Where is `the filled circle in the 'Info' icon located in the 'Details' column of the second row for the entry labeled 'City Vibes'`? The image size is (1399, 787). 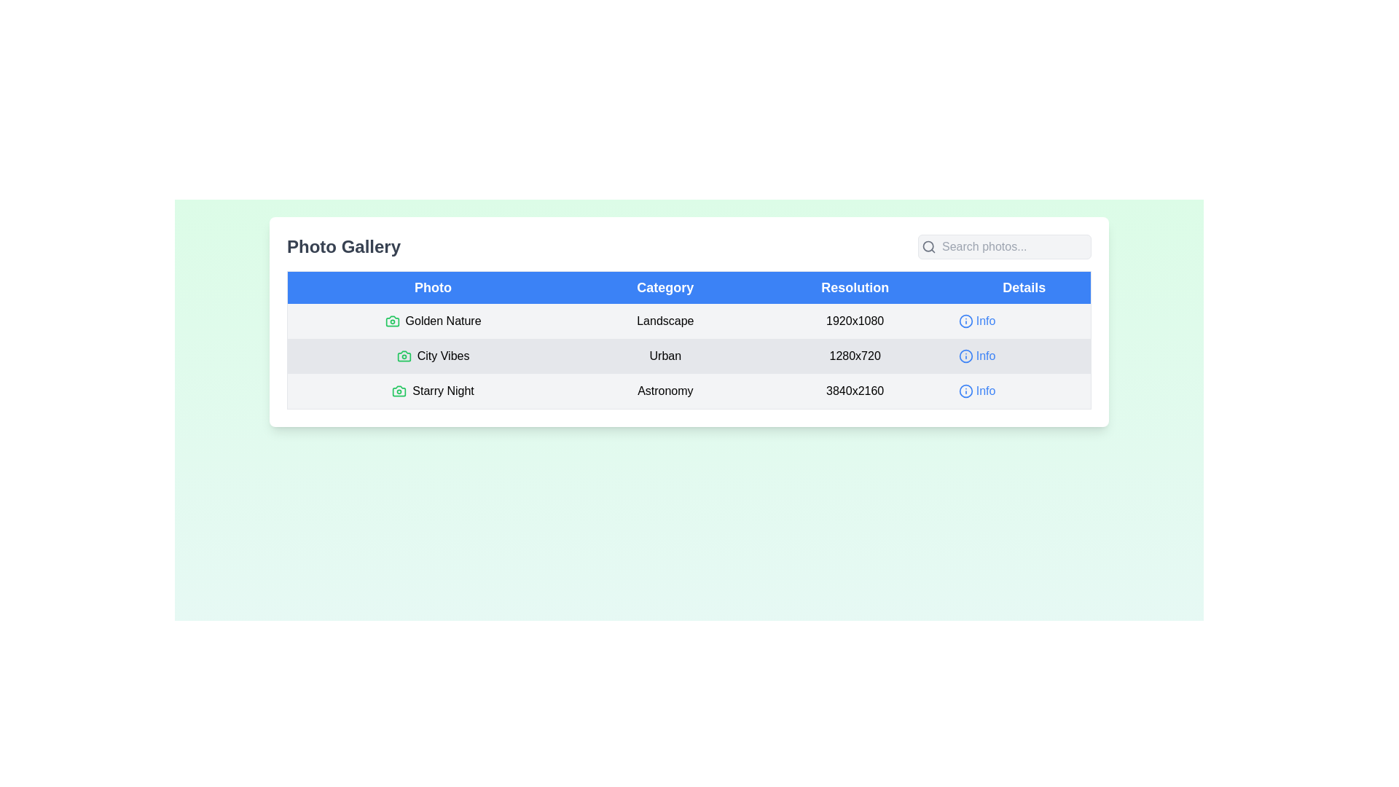 the filled circle in the 'Info' icon located in the 'Details' column of the second row for the entry labeled 'City Vibes' is located at coordinates (965, 356).